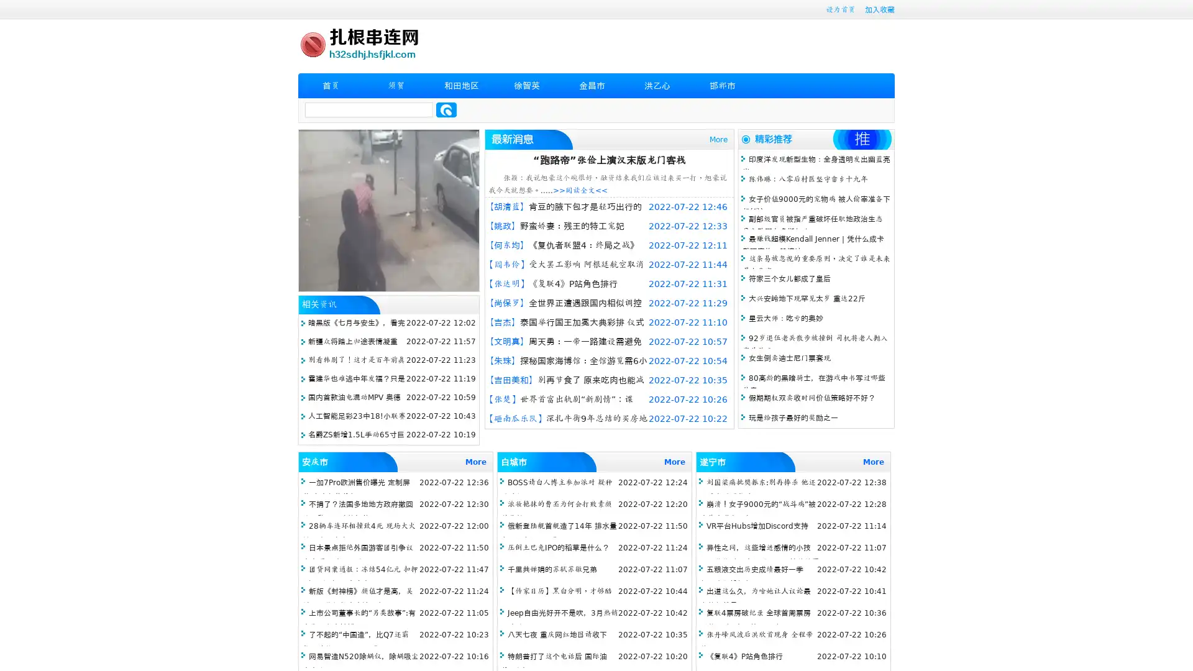  Describe the element at coordinates (446, 109) in the screenshot. I see `Search` at that location.